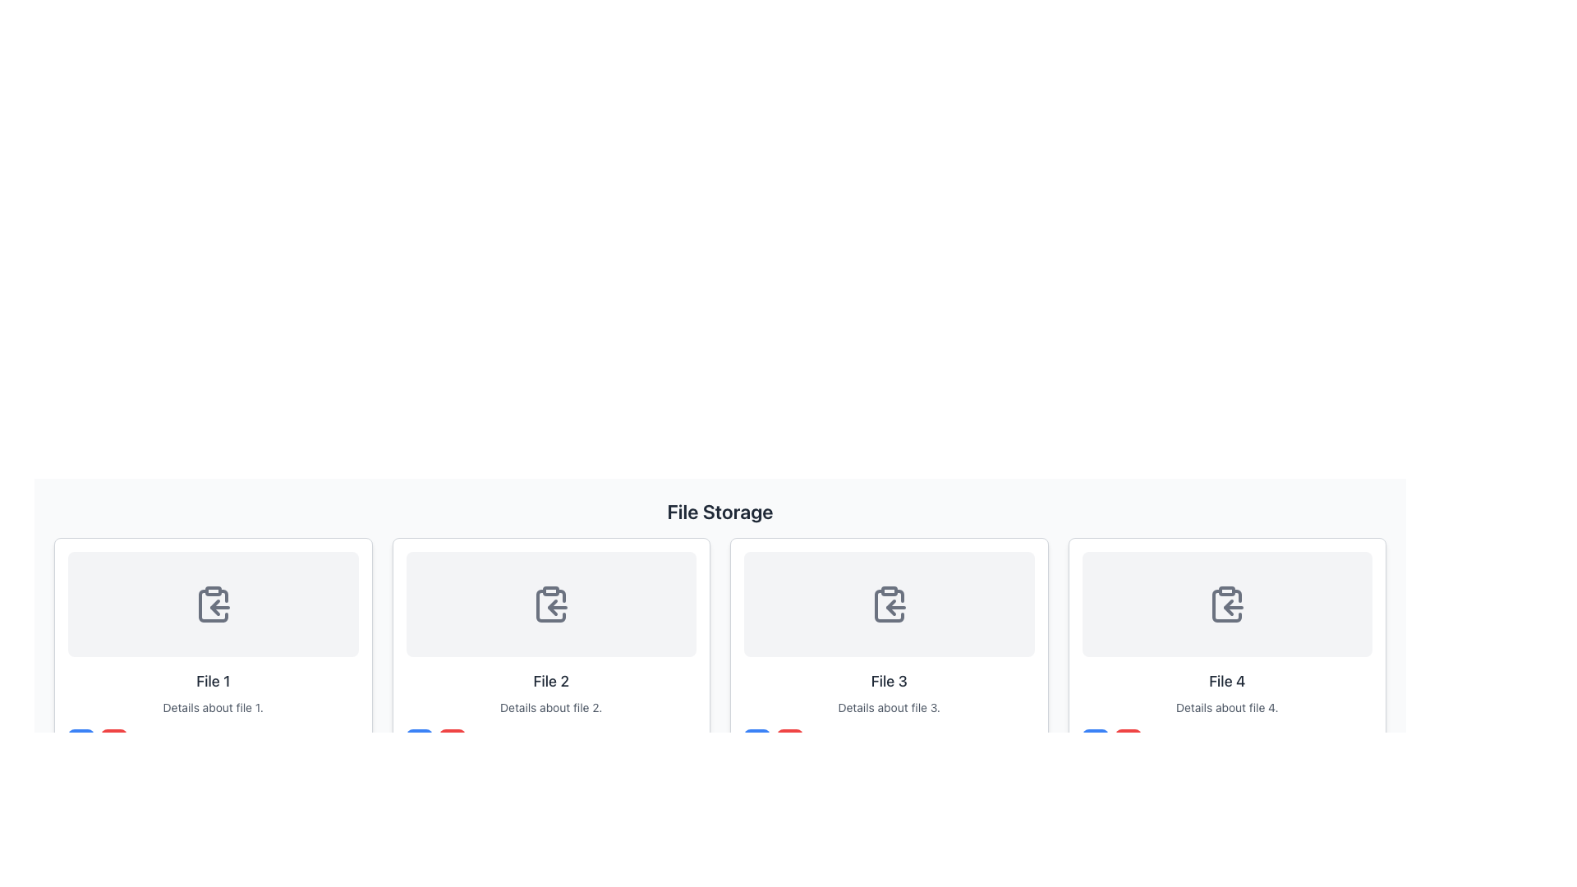 The width and height of the screenshot is (1577, 887). Describe the element at coordinates (890, 608) in the screenshot. I see `the left-oriented arrow icon within the clipboard graphic located in the header section of the card titled 'File 3'` at that location.